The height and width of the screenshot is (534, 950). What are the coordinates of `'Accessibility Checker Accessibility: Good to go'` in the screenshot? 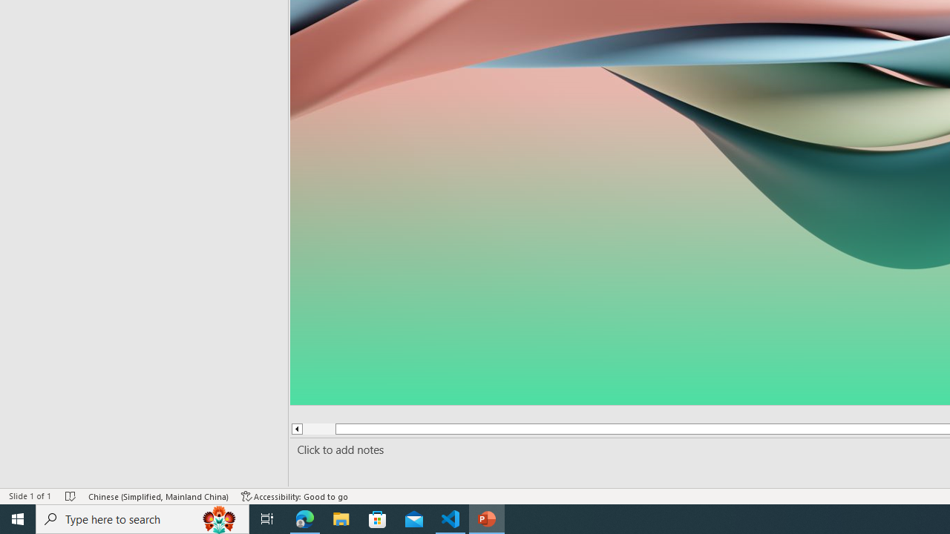 It's located at (295, 496).